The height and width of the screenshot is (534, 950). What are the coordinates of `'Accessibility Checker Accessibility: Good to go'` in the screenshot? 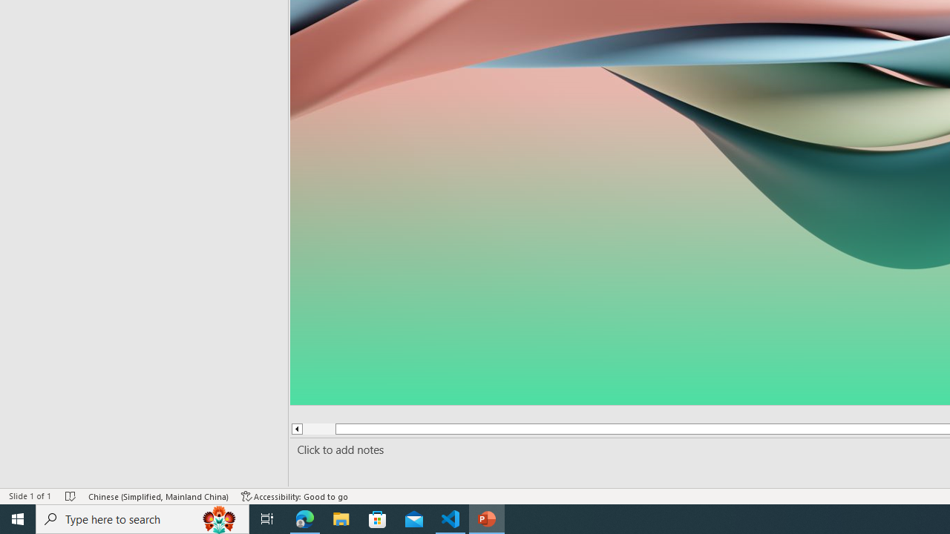 It's located at (295, 496).